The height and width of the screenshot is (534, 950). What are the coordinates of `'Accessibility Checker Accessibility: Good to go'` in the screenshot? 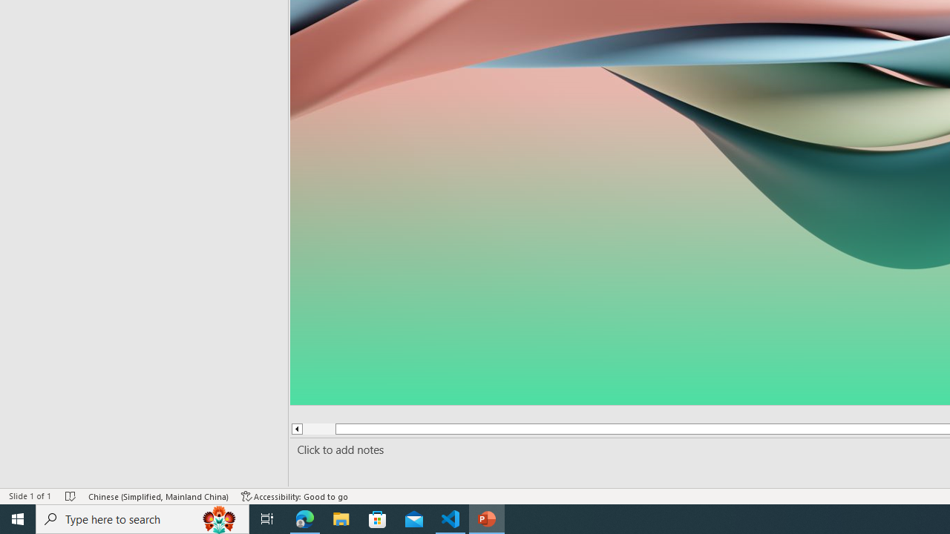 It's located at (295, 496).